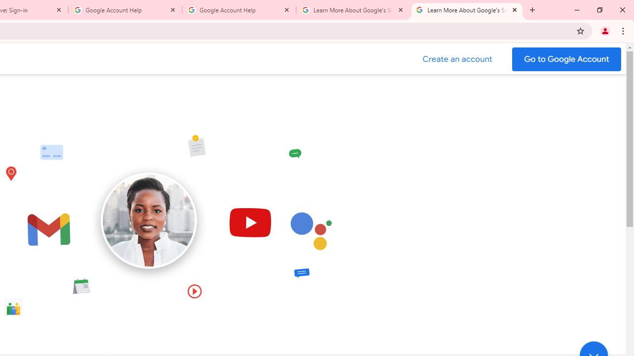 The height and width of the screenshot is (356, 634). What do you see at coordinates (457, 59) in the screenshot?
I see `'Create a Google Account'` at bounding box center [457, 59].